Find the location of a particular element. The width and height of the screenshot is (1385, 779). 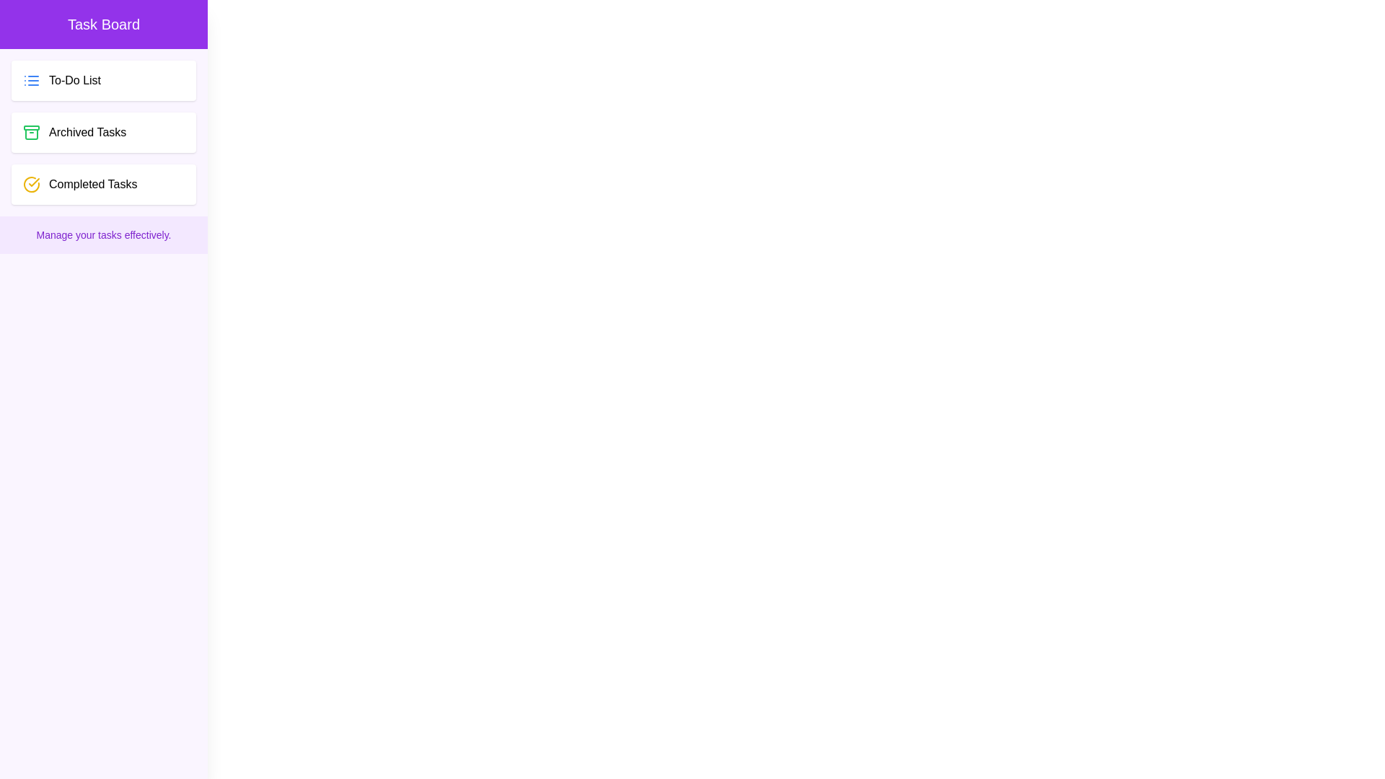

the toggle button to toggle the visibility of the TaskManagementDrawer is located at coordinates (27, 27).